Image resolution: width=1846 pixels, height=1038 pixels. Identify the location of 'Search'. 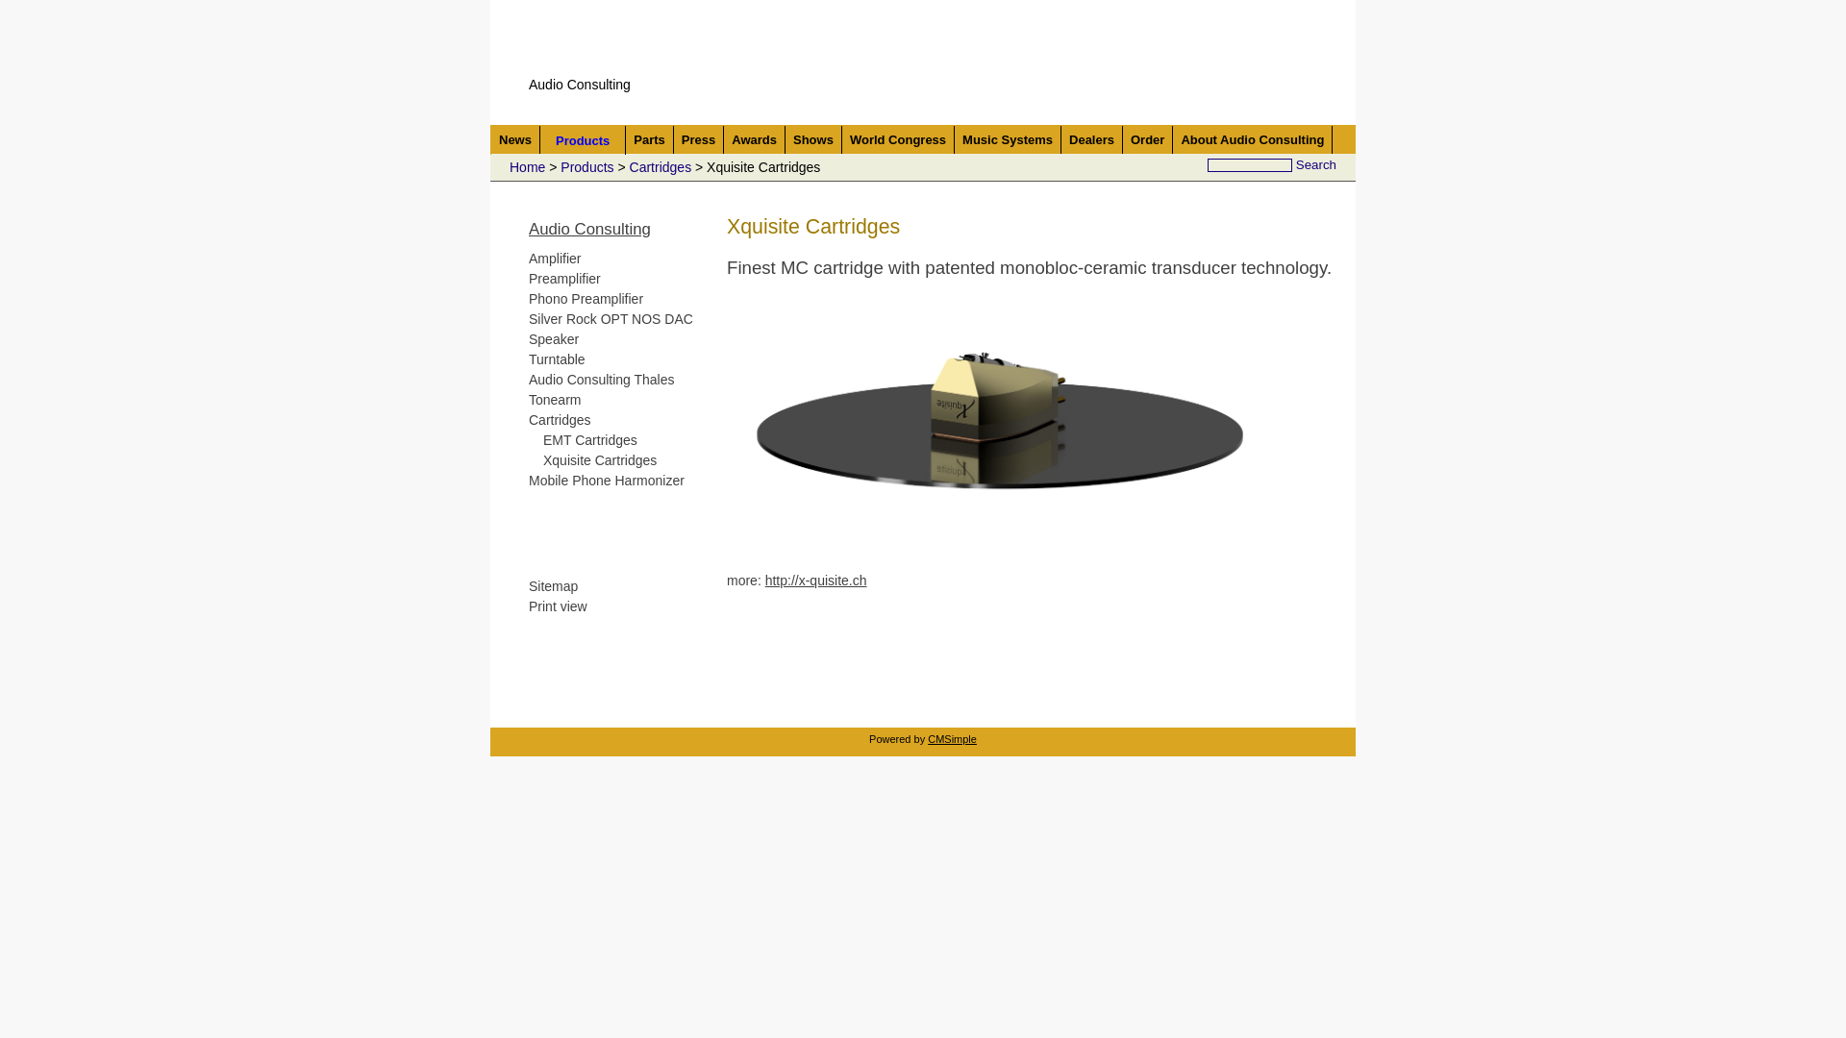
(1314, 163).